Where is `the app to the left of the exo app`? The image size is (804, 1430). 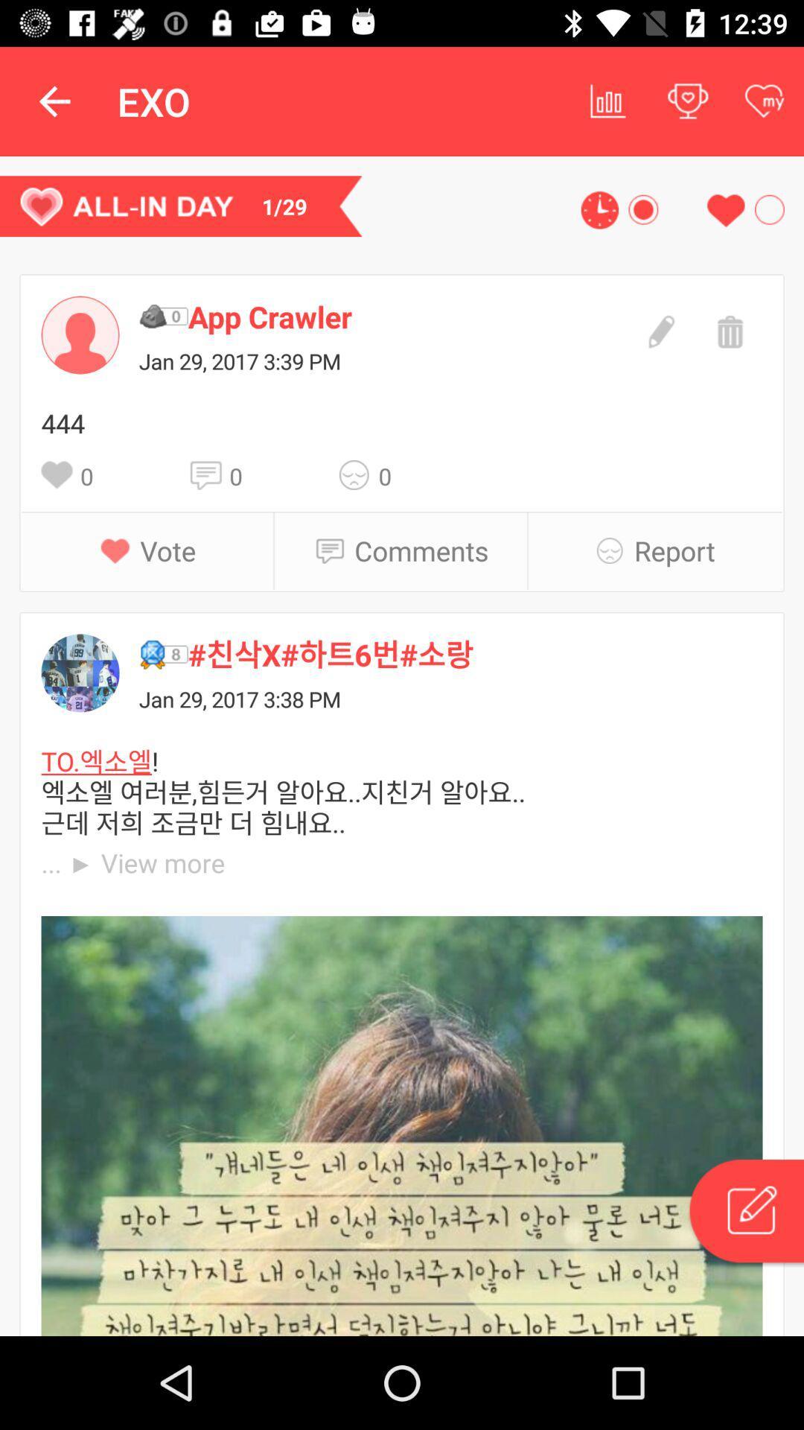 the app to the left of the exo app is located at coordinates (54, 101).